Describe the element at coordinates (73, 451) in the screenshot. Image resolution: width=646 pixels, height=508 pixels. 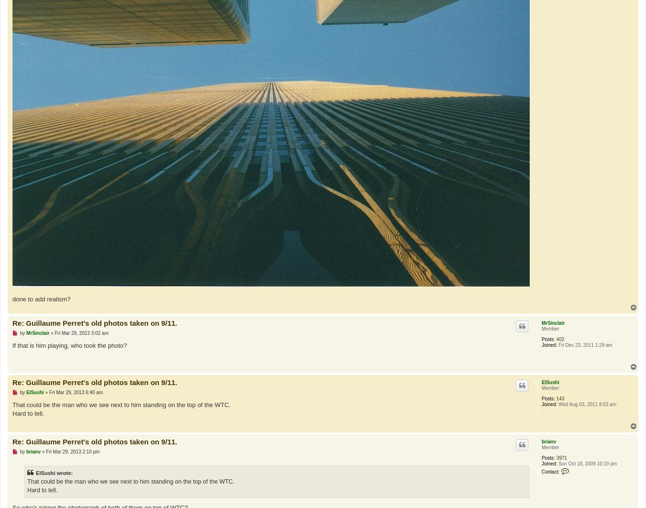
I see `'Fri Mar 29, 2013 2:10 pm'` at that location.